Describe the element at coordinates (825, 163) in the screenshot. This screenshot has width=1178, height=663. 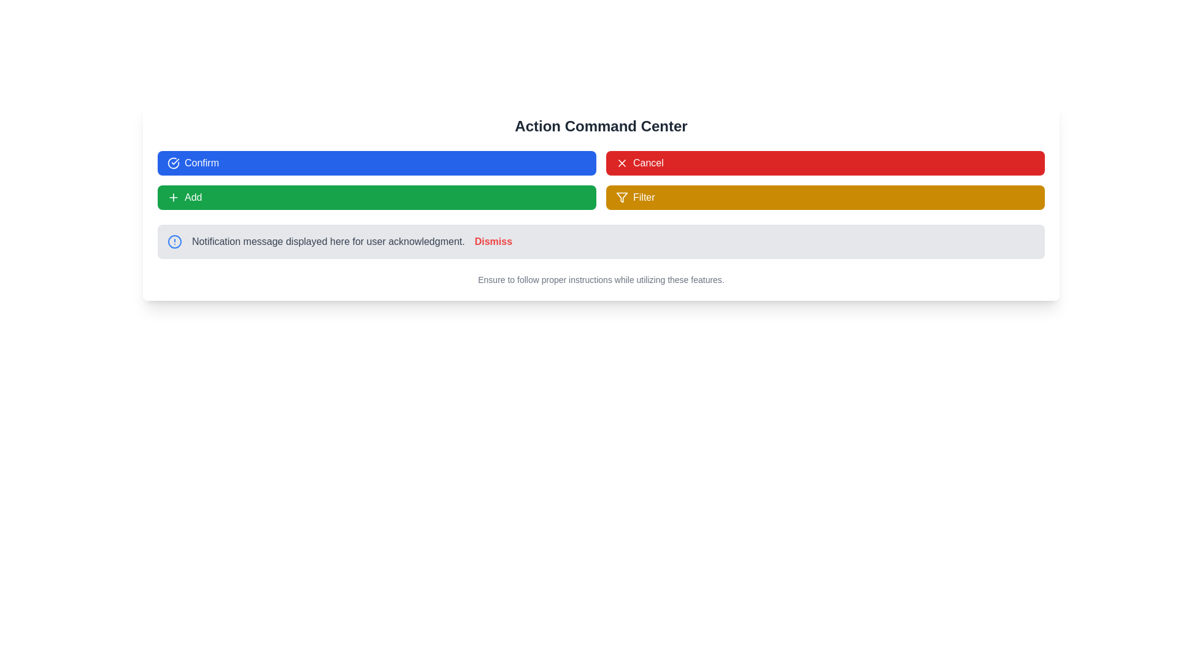
I see `the red 'Cancel' button with a white cross icon to observe its hover effect` at that location.